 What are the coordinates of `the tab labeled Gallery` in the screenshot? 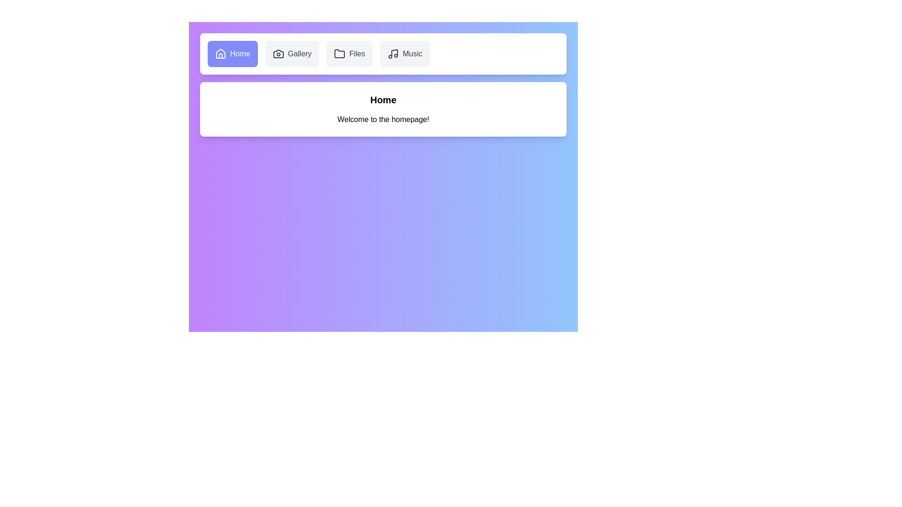 It's located at (292, 54).